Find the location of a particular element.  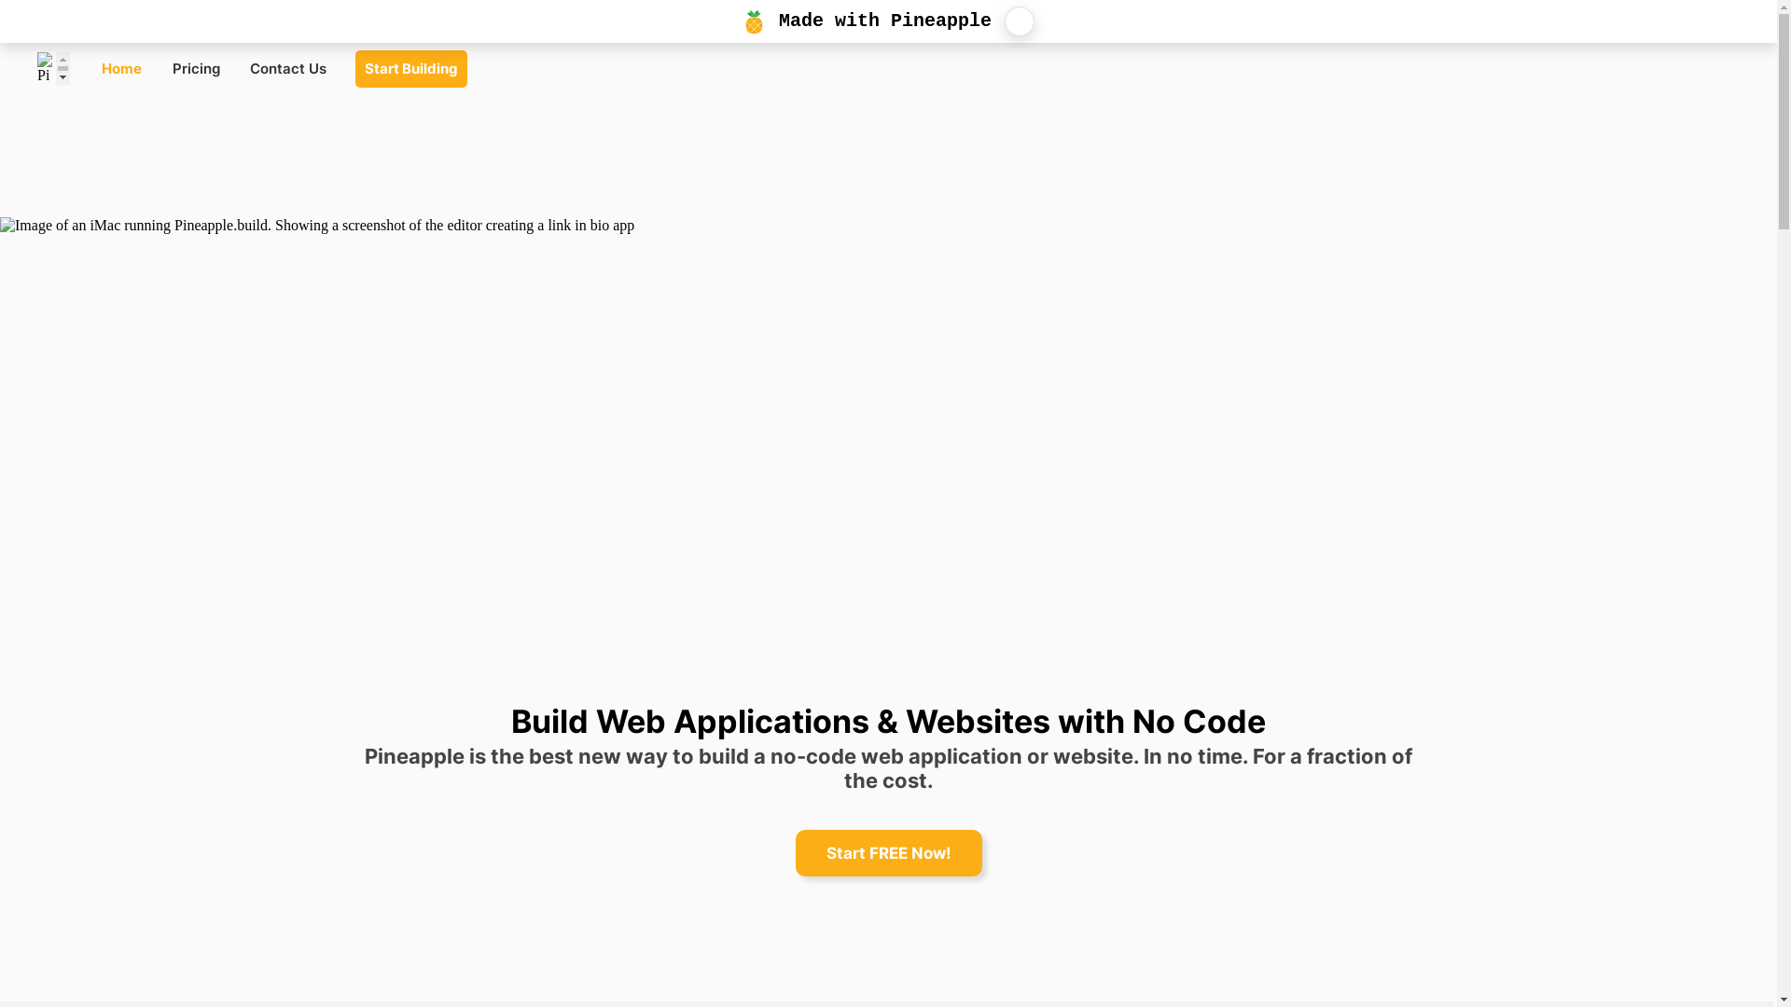

'Pineapple Logo Image' is located at coordinates (36, 67).